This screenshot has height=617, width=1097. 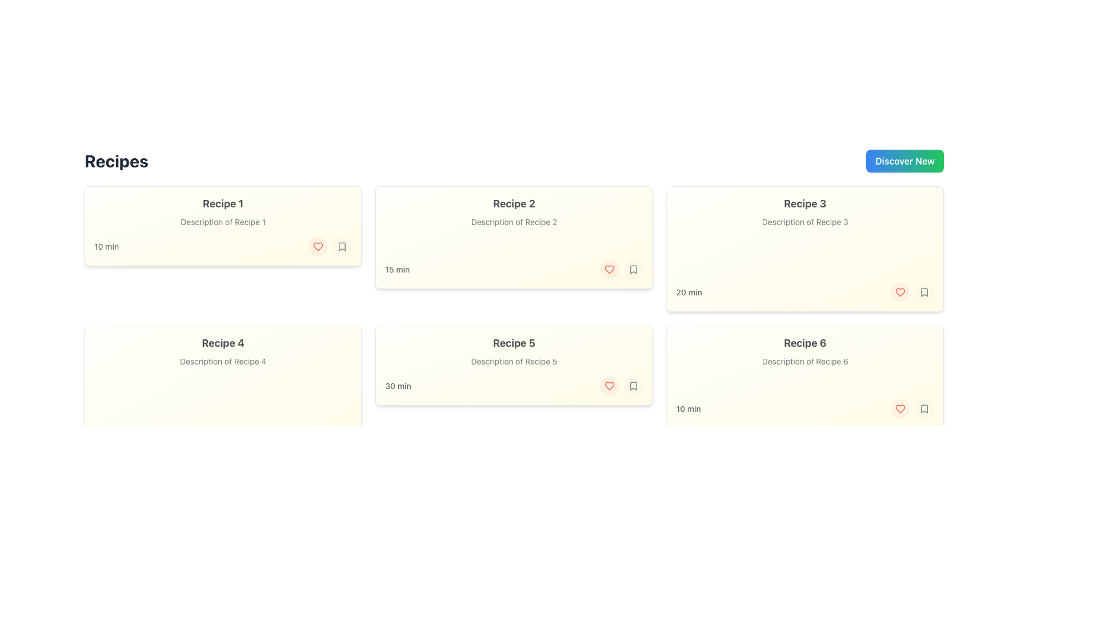 I want to click on title text of the recipe card labeled 'Recipe 6', which is positioned in the upper section of the card, so click(x=804, y=343).